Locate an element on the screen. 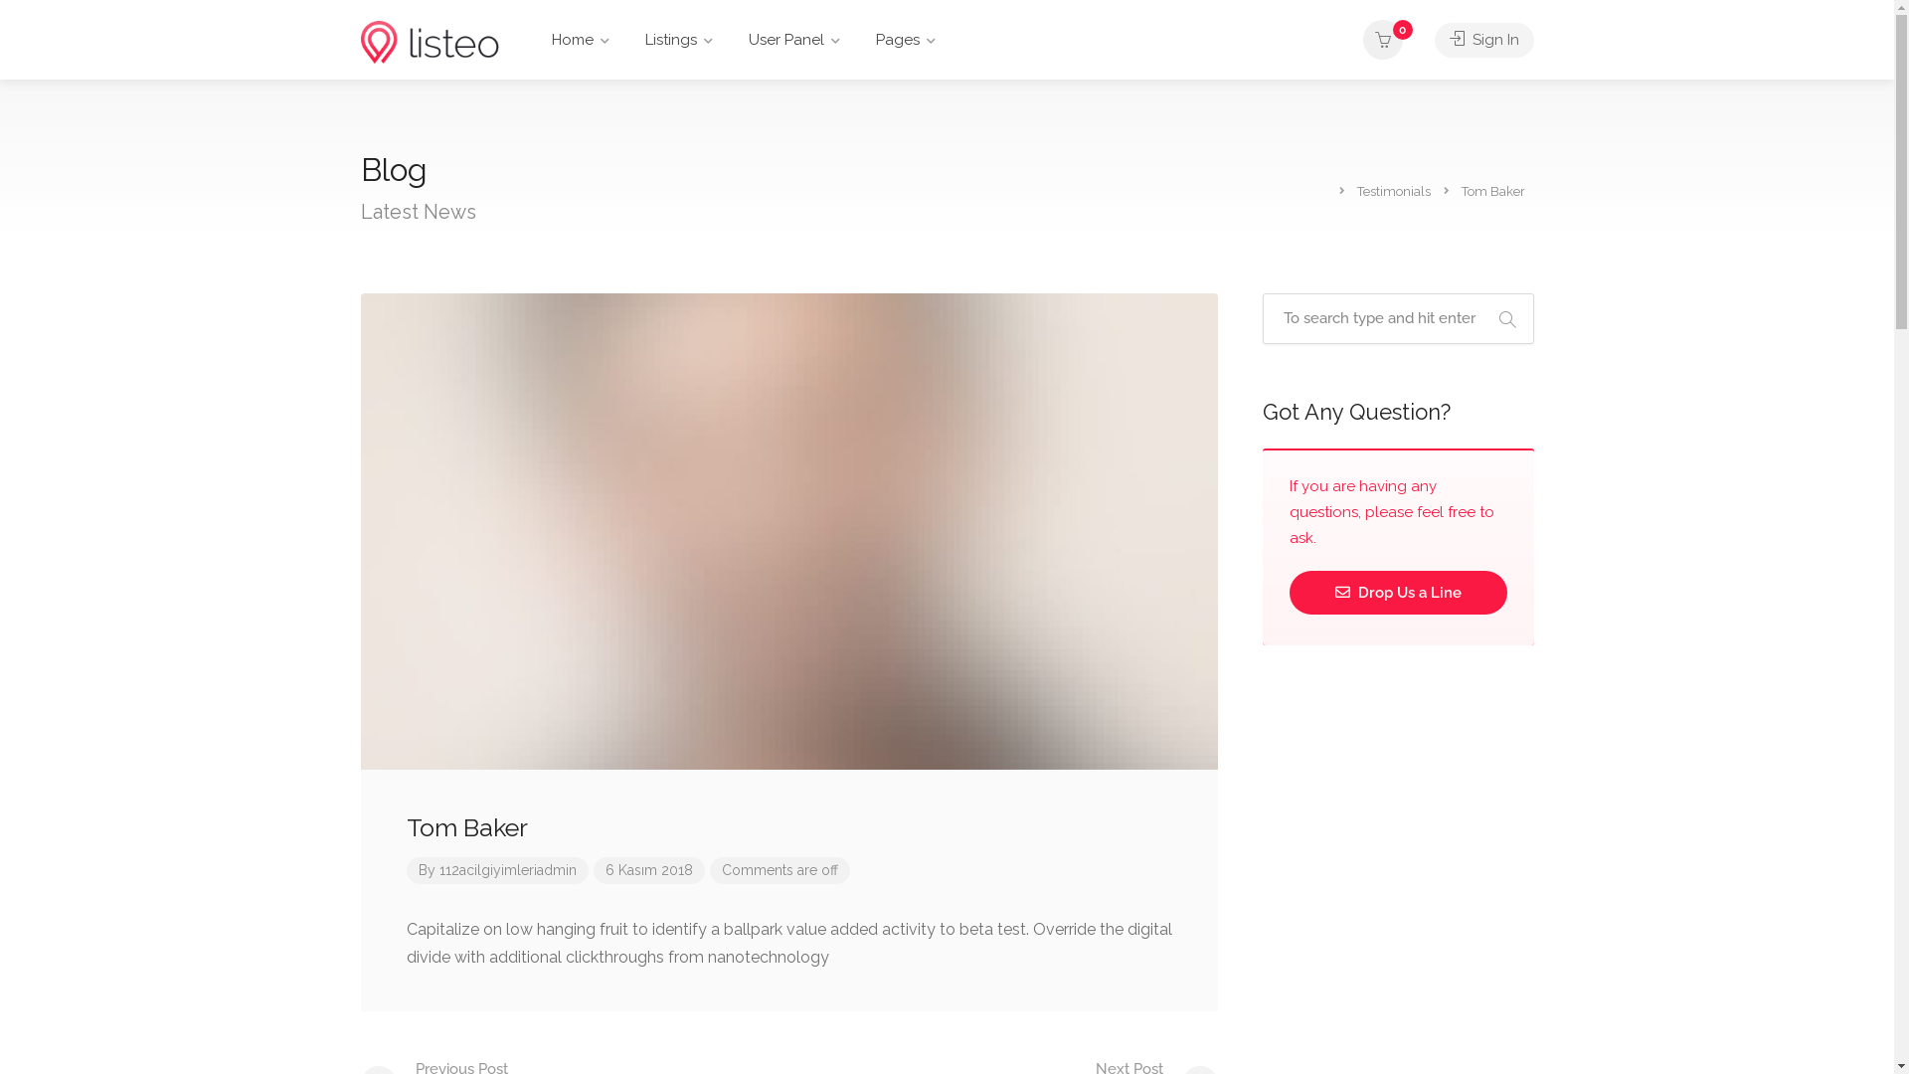 This screenshot has width=1909, height=1074. 'Testimonials' is located at coordinates (1354, 190).